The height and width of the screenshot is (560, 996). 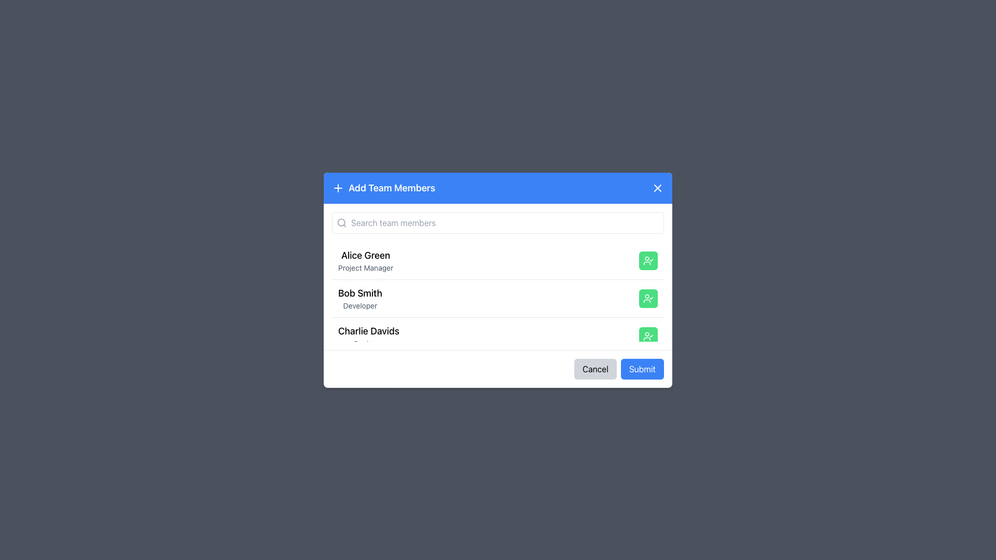 What do you see at coordinates (647, 298) in the screenshot?
I see `the small green rectangular button with a white user icon and checkmark, located on the right side of the 'Bob Smith, Developer' block to trigger its hover state` at bounding box center [647, 298].